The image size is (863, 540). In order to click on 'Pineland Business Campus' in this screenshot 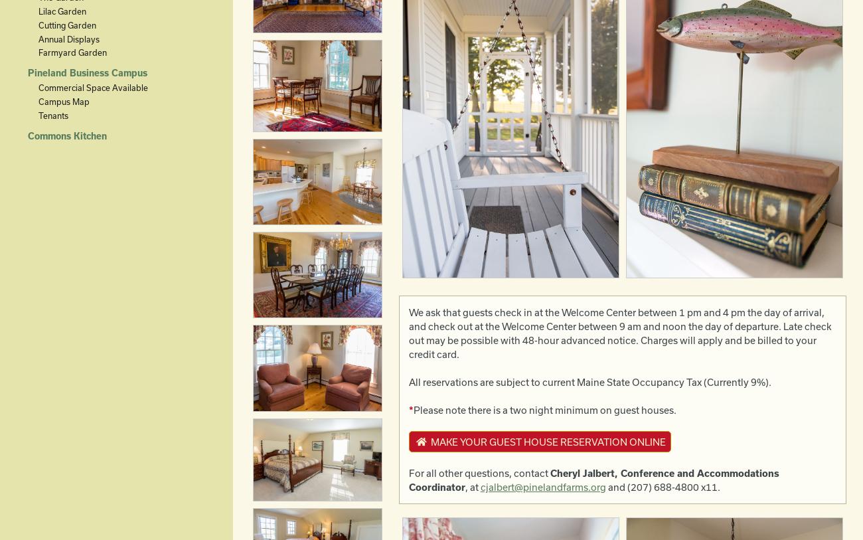, I will do `click(86, 72)`.